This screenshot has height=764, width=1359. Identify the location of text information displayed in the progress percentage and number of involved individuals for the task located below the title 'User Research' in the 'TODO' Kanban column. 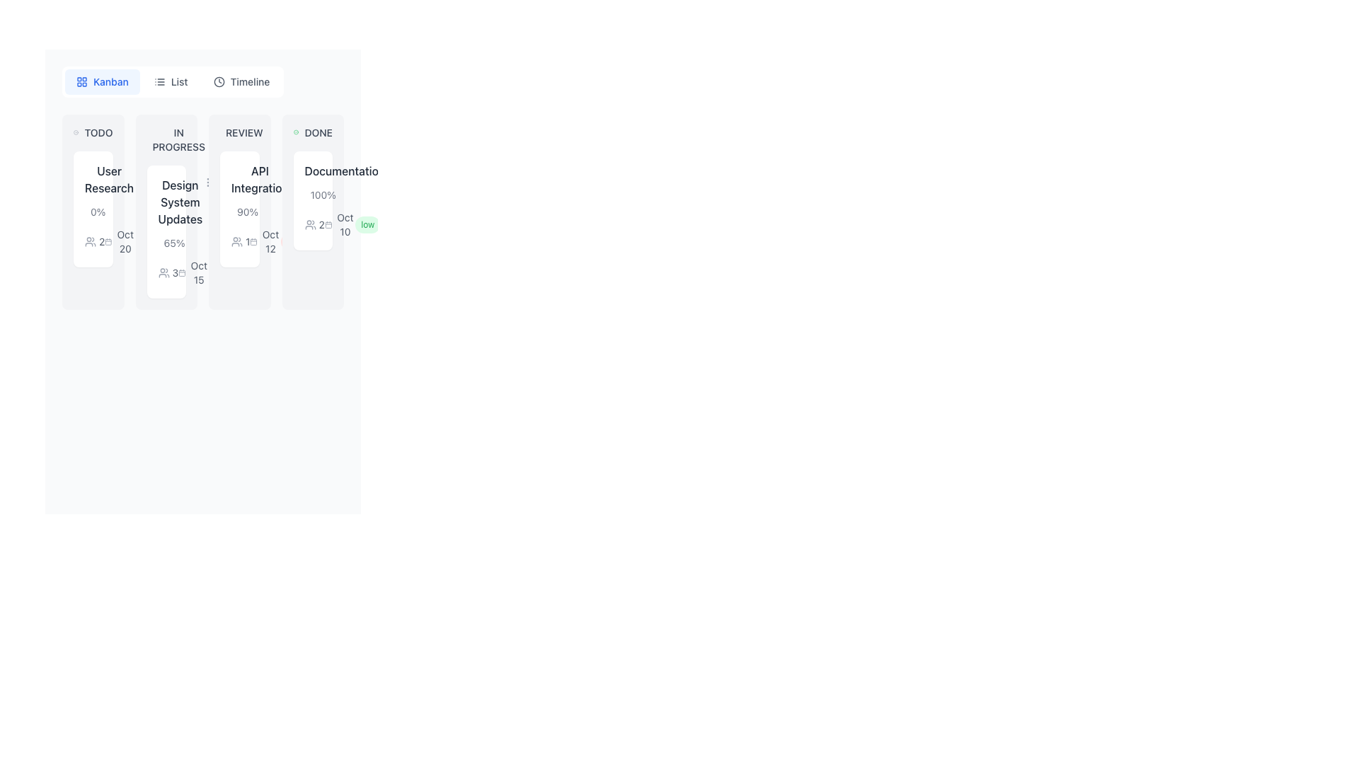
(92, 230).